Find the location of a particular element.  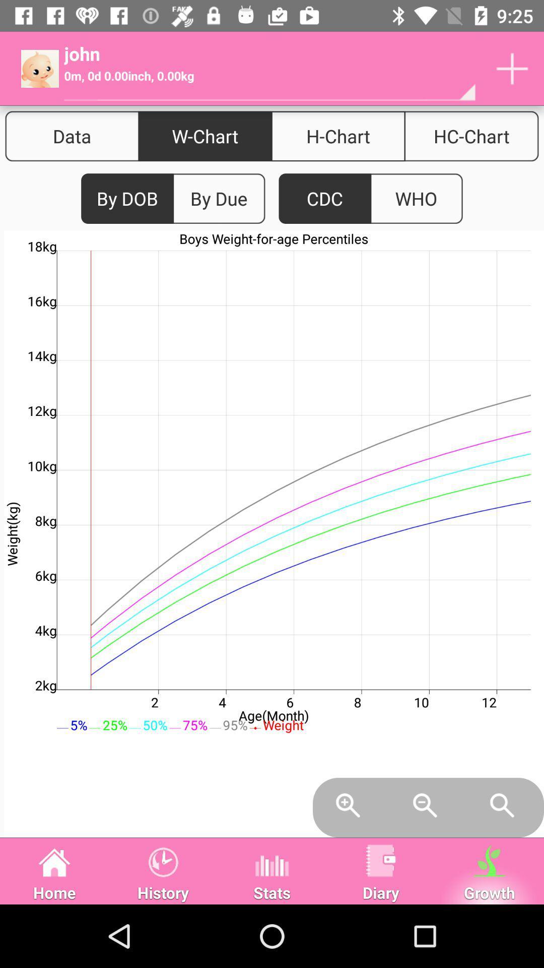

icon to the right of by dob icon is located at coordinates (218, 199).